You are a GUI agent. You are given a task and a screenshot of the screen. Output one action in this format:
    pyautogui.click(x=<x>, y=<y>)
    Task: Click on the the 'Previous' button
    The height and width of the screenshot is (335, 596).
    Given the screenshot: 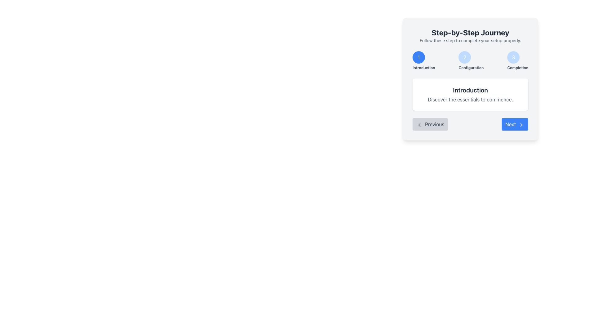 What is the action you would take?
    pyautogui.click(x=430, y=124)
    